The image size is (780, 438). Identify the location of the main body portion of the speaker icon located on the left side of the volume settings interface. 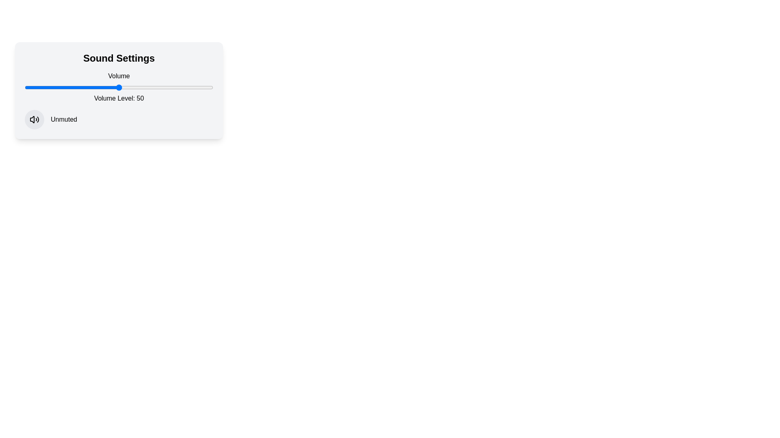
(32, 119).